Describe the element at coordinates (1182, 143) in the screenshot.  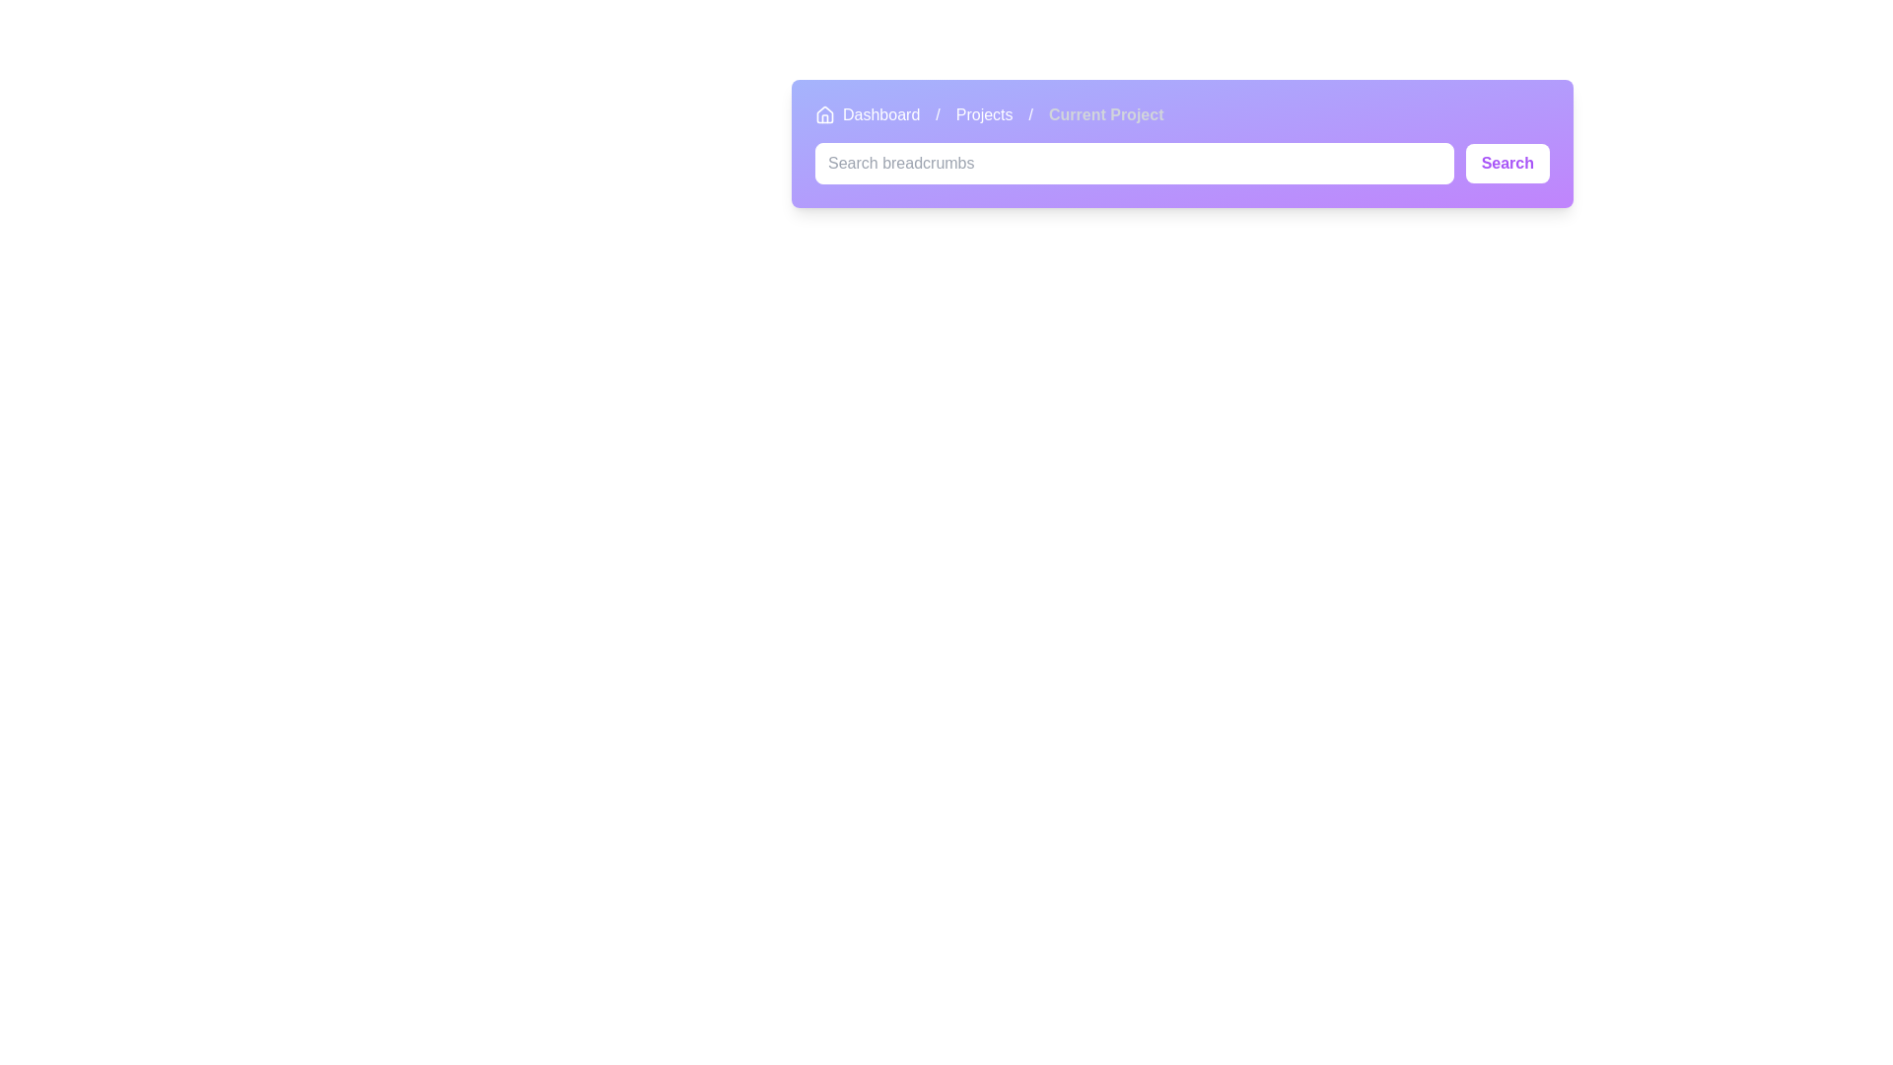
I see `the breadcrumb section of the composite navigation and action bar` at that location.